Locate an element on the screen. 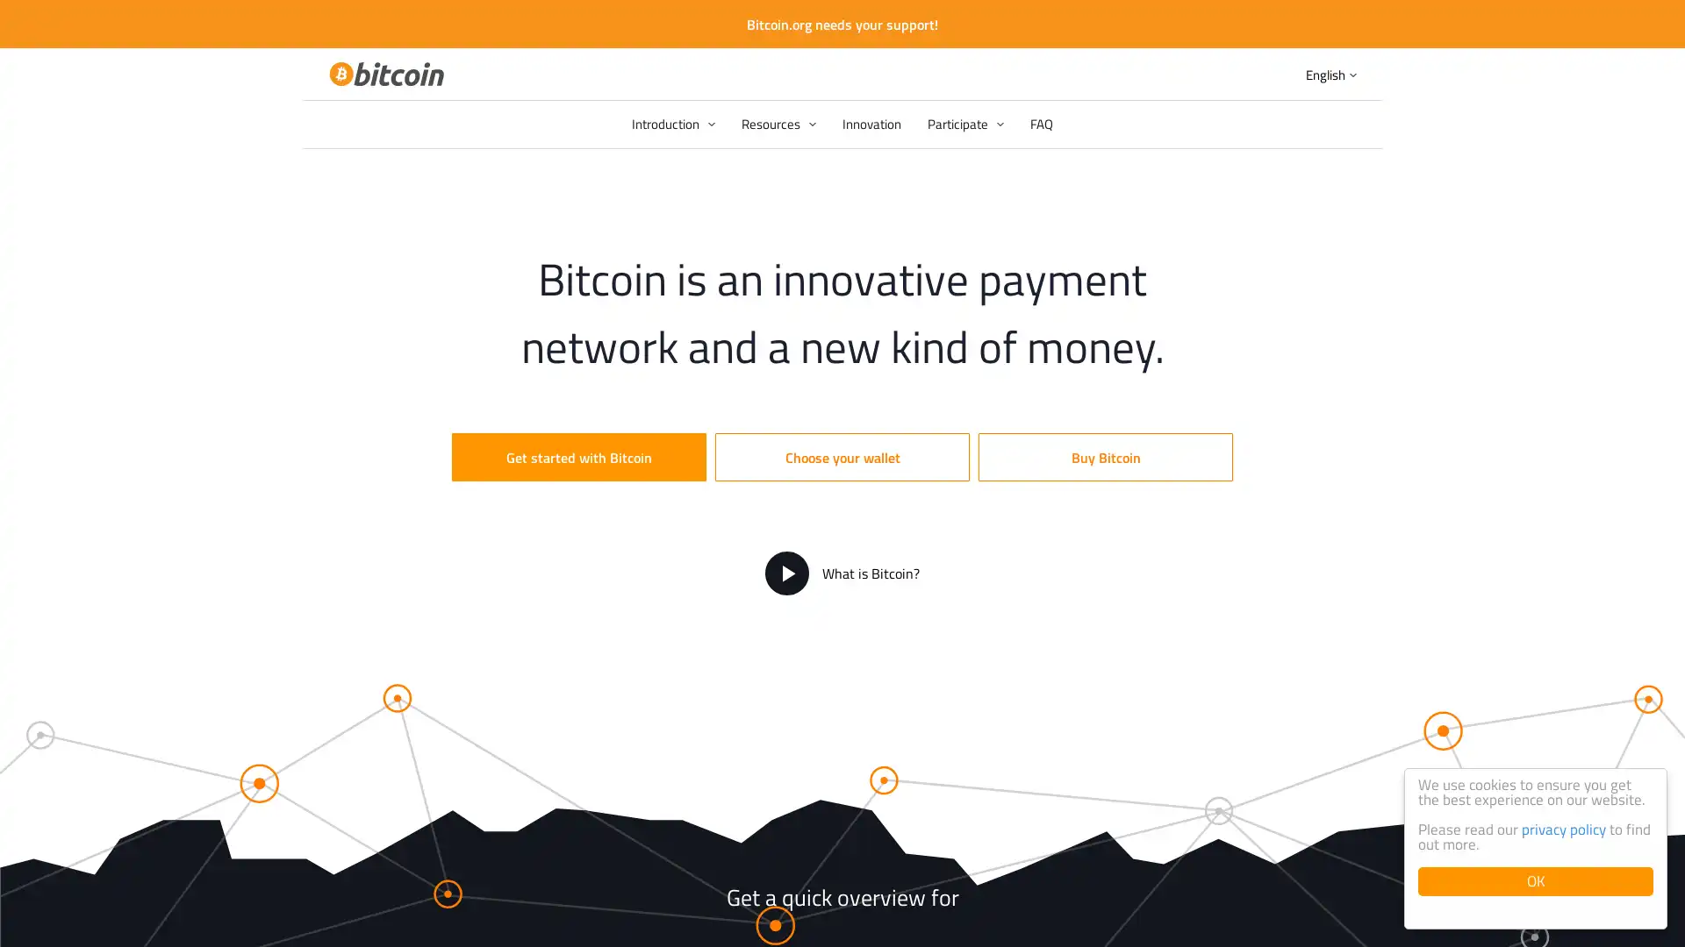 Image resolution: width=1685 pixels, height=947 pixels. What is Bitcoin? is located at coordinates (842, 573).